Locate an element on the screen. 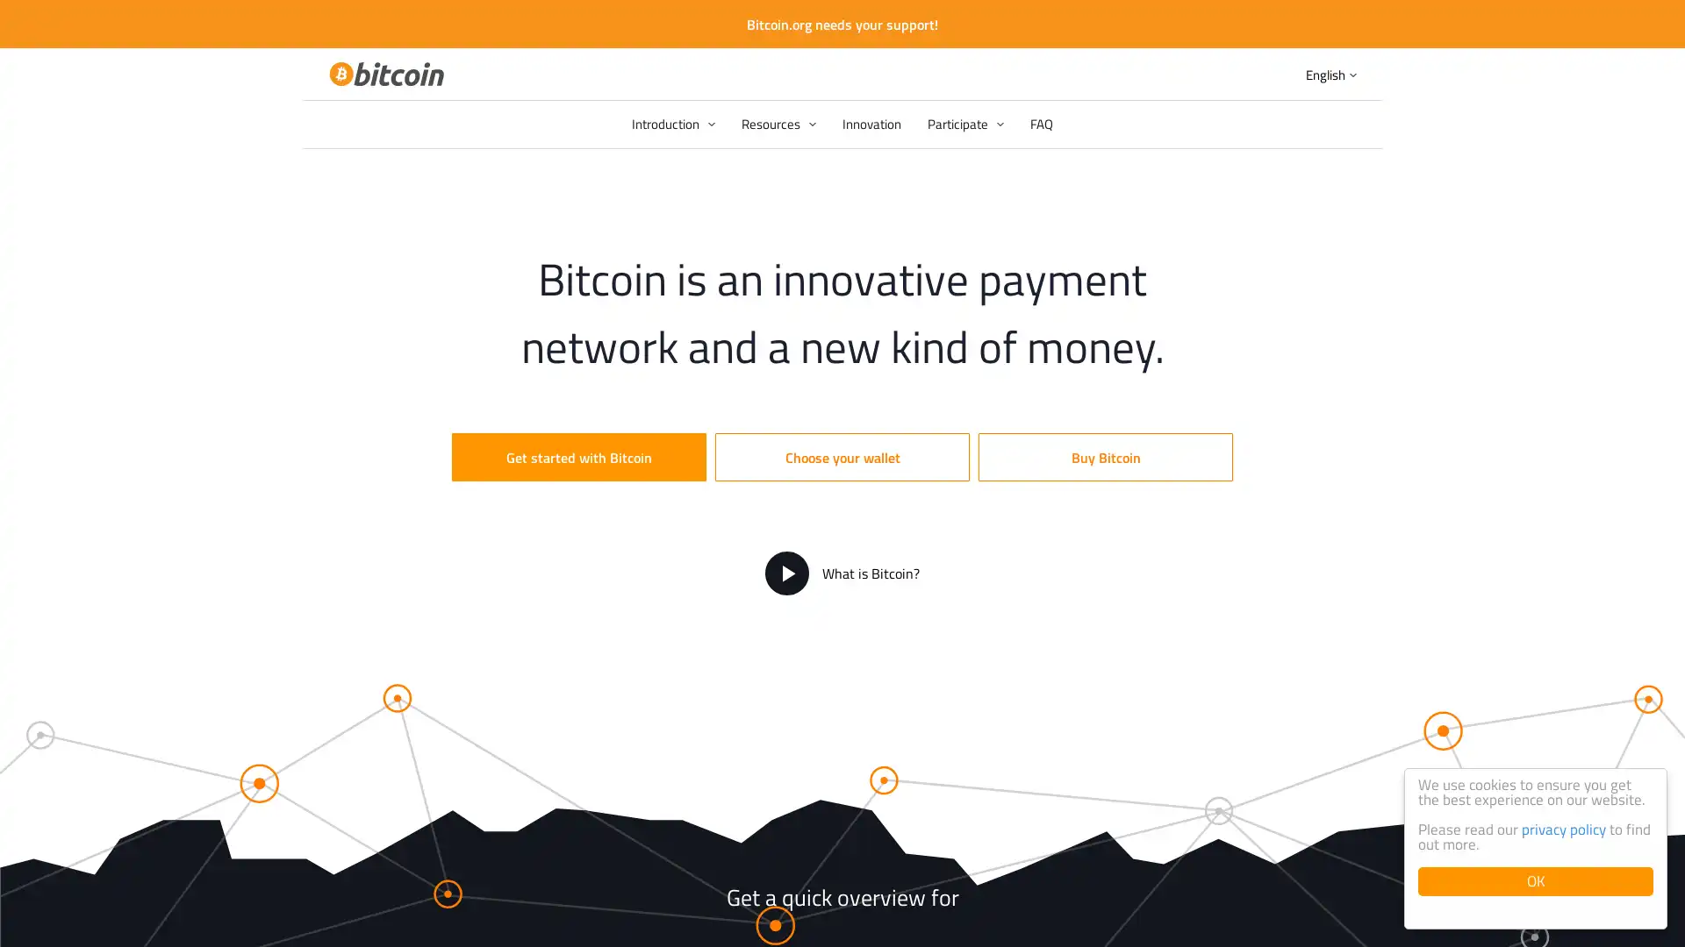 Image resolution: width=1685 pixels, height=947 pixels. What is Bitcoin? is located at coordinates (842, 573).